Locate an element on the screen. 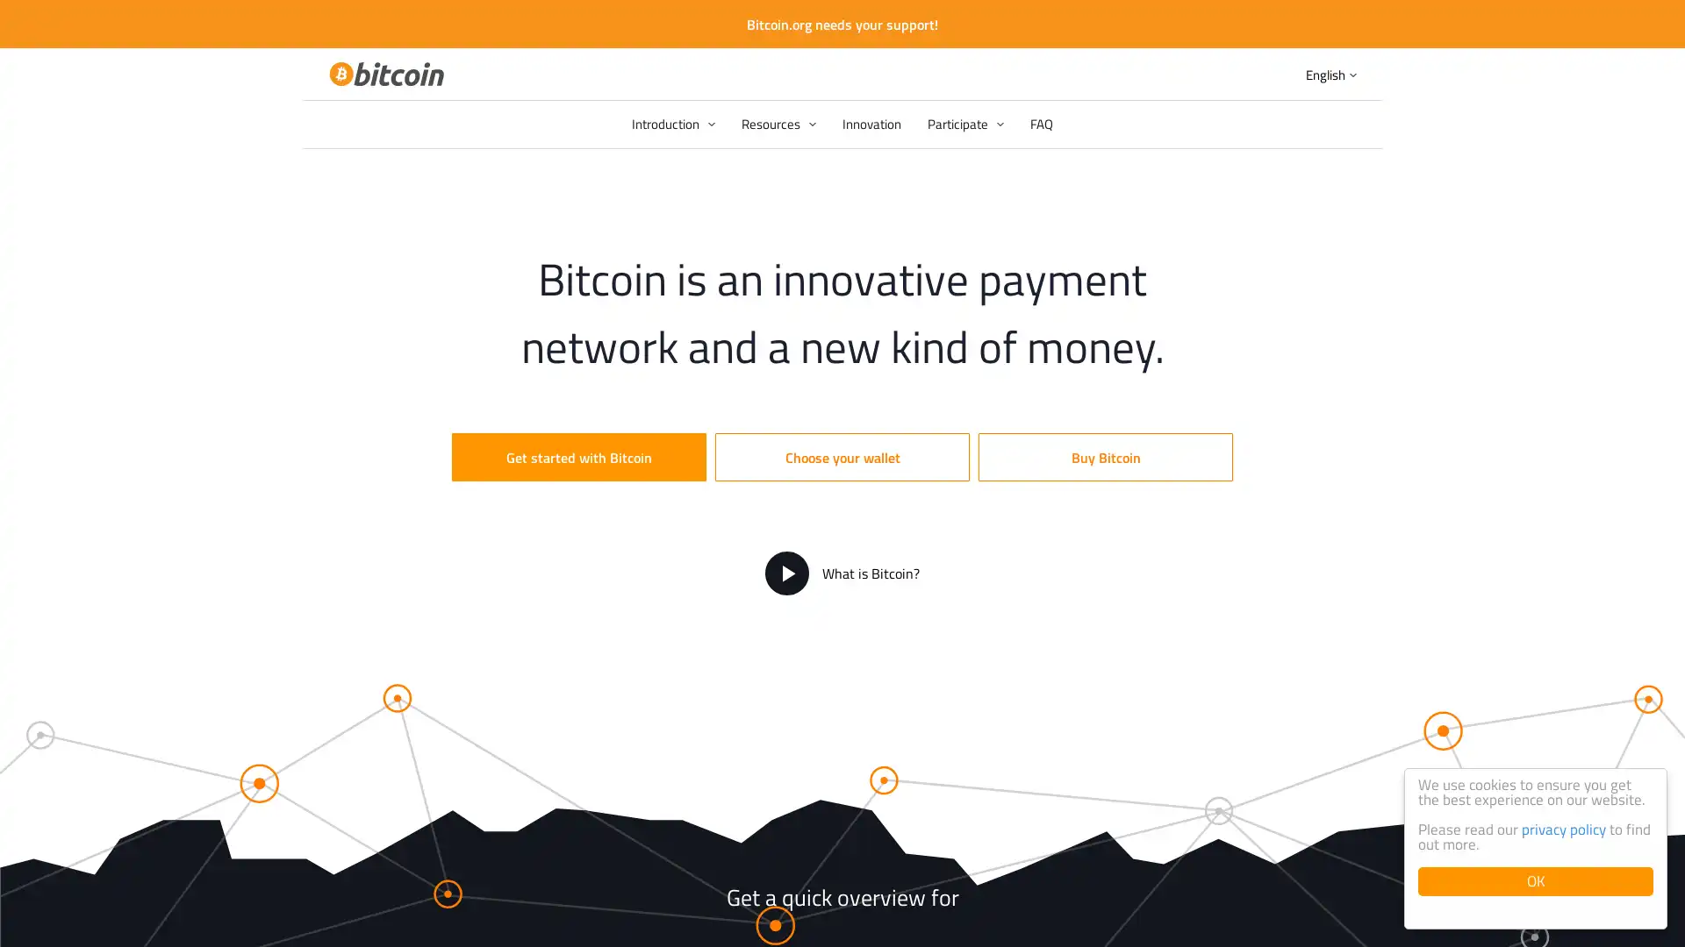 Image resolution: width=1685 pixels, height=947 pixels. What is Bitcoin? is located at coordinates (842, 573).